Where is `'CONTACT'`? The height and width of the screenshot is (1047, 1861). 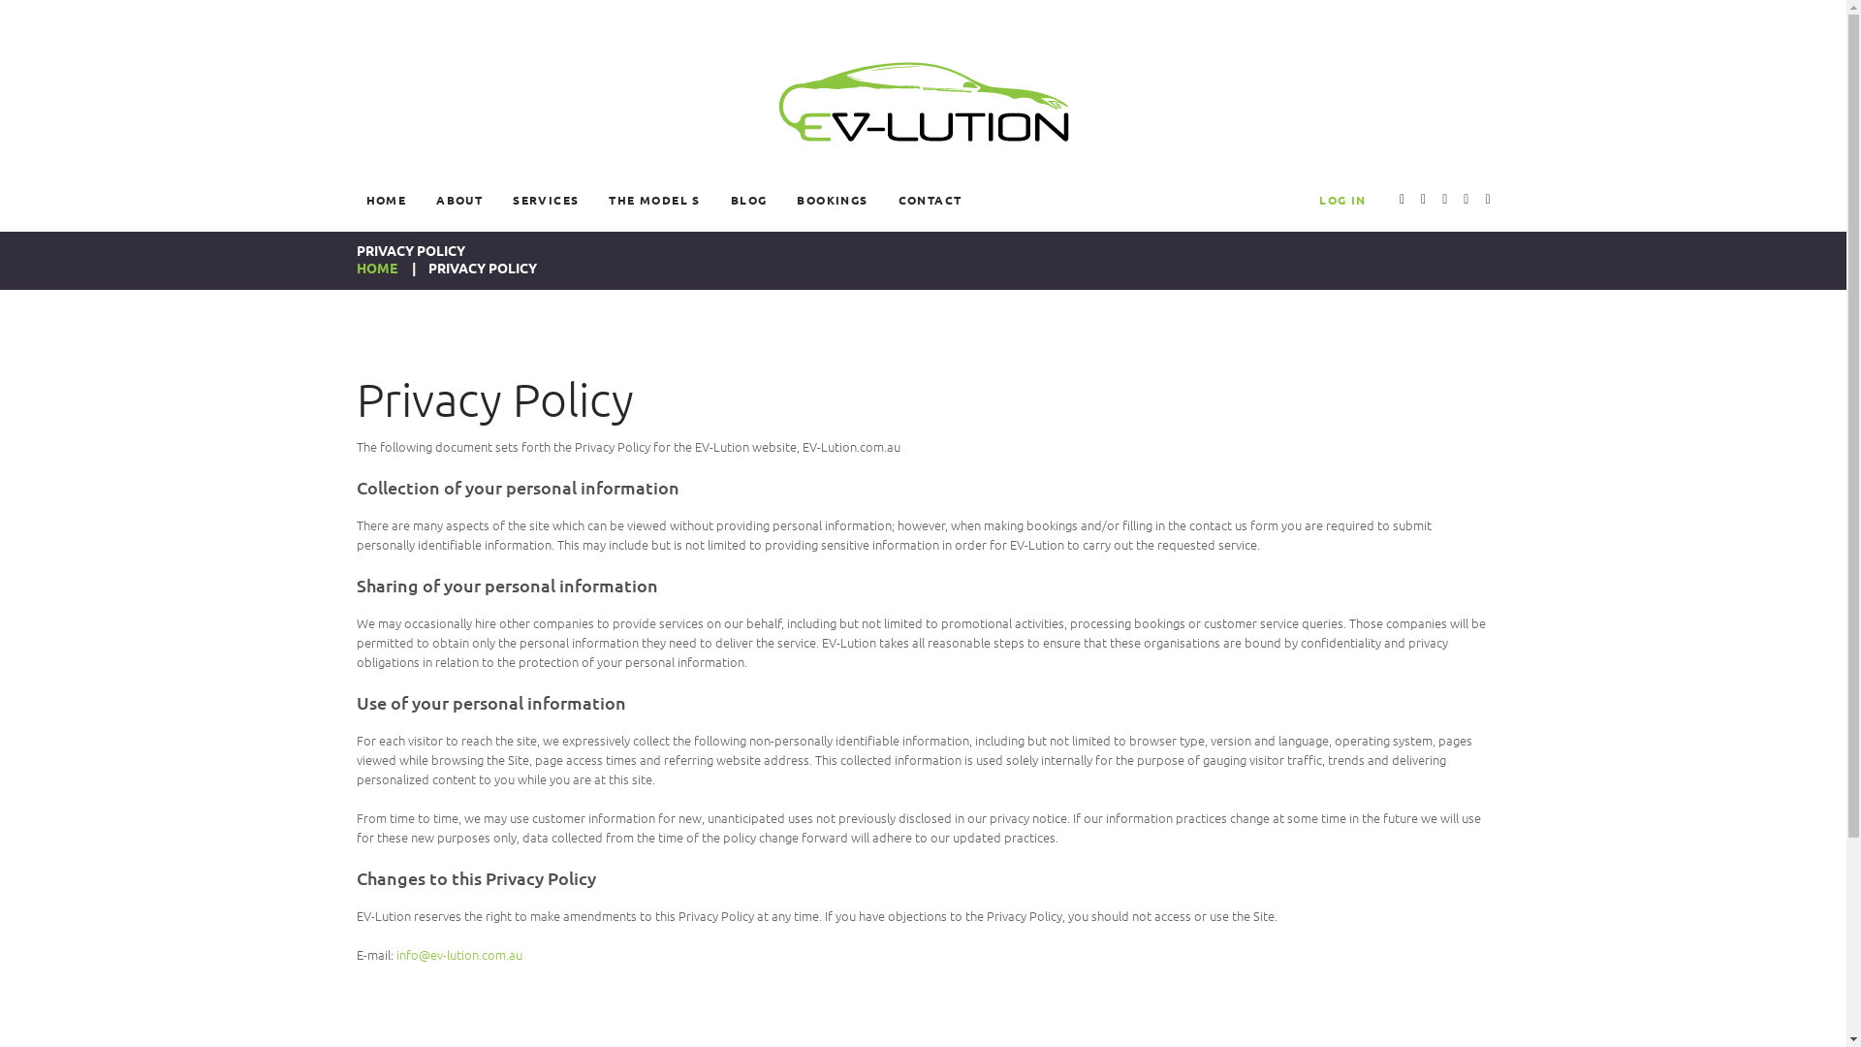 'CONTACT' is located at coordinates (930, 199).